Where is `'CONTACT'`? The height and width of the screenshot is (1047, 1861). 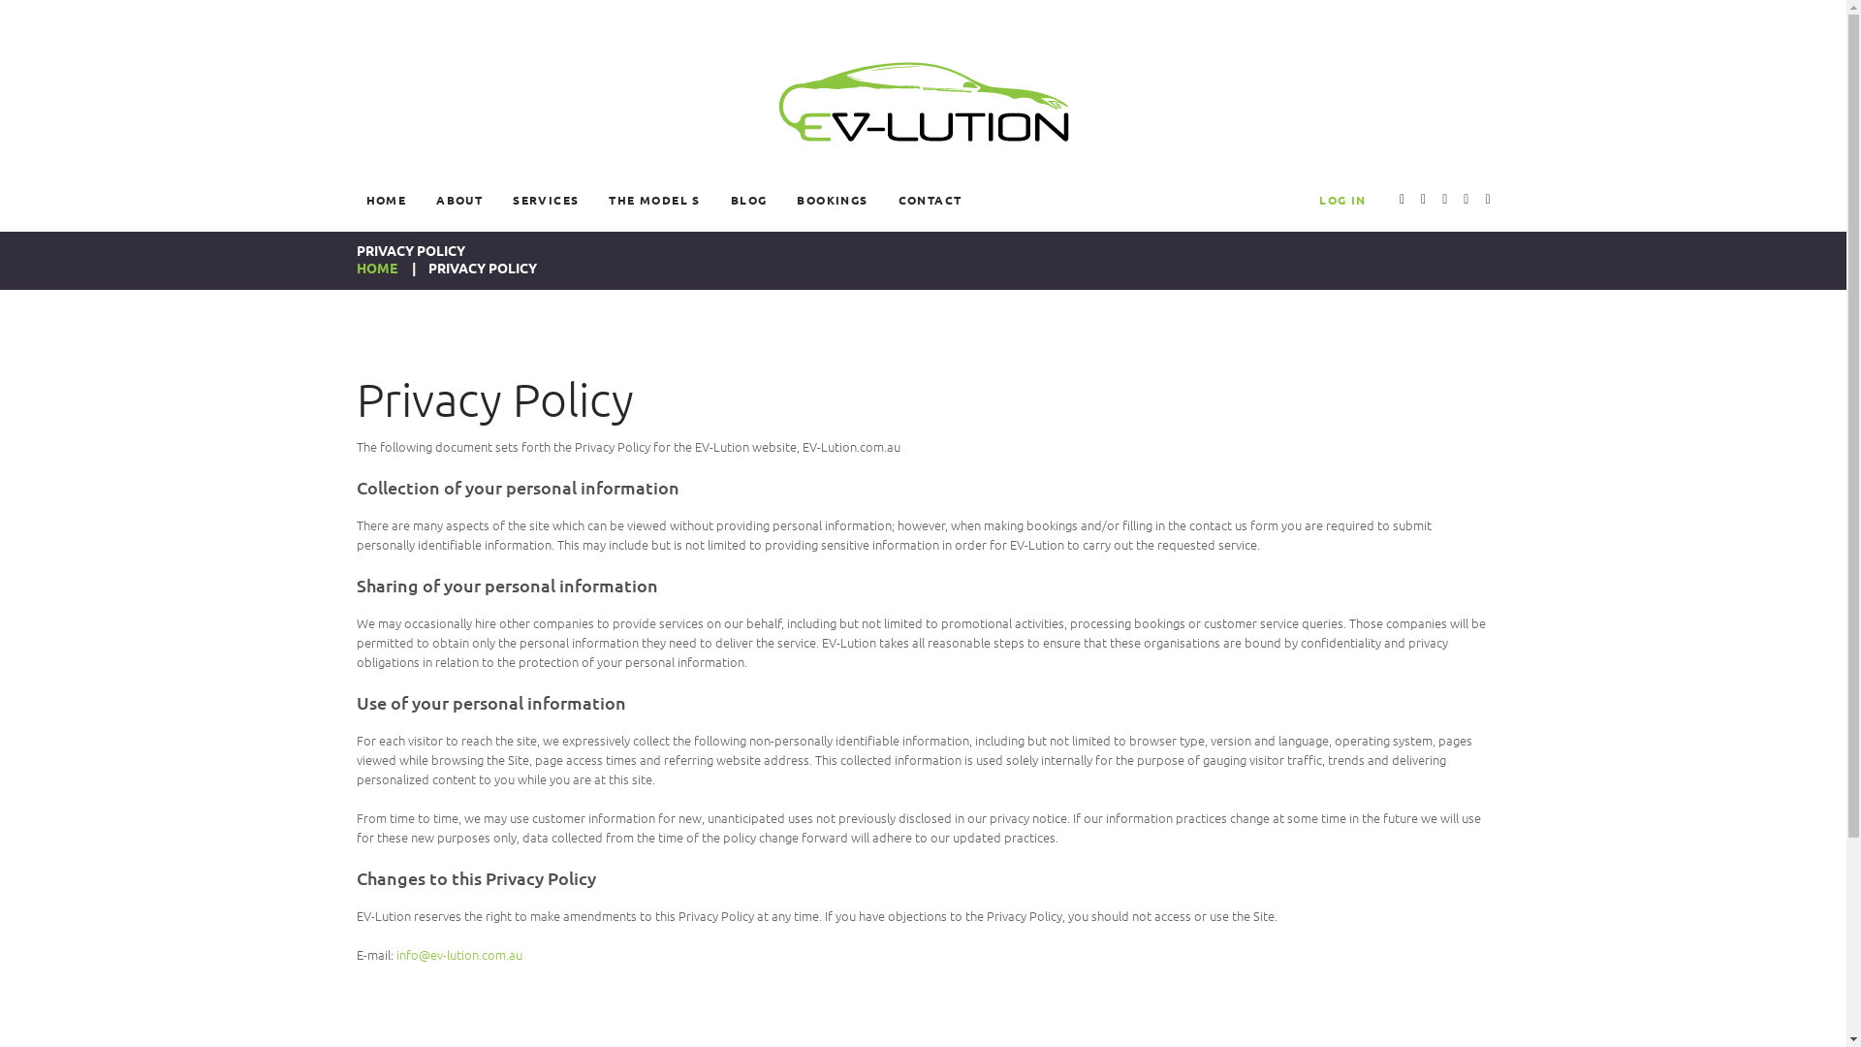 'CONTACT' is located at coordinates (930, 199).